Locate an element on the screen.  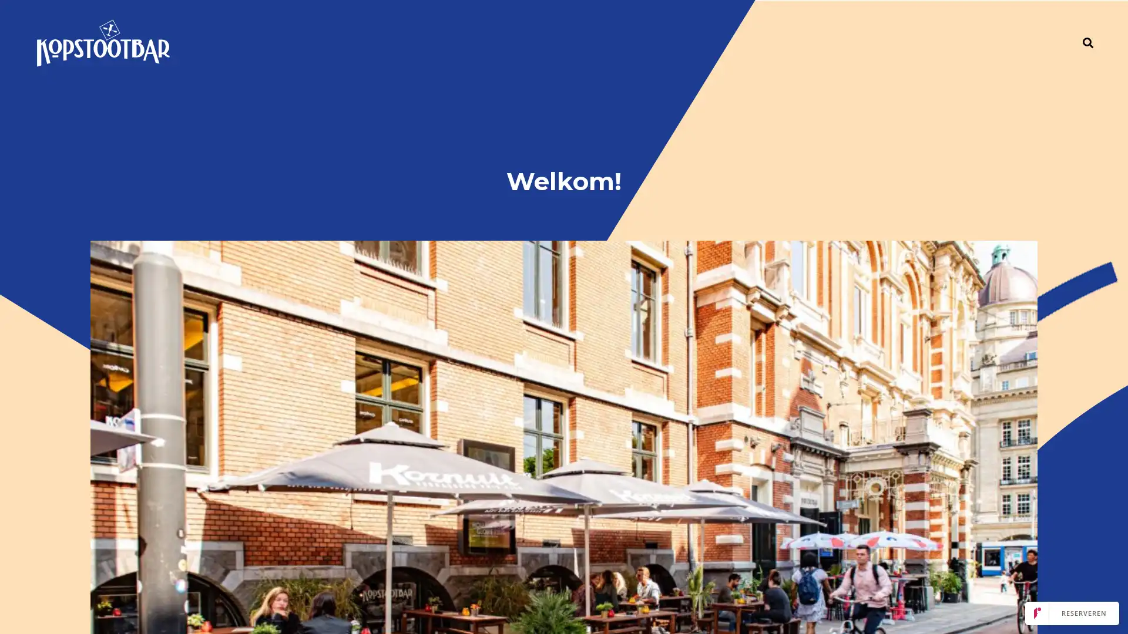
ZOEKEN is located at coordinates (1087, 42).